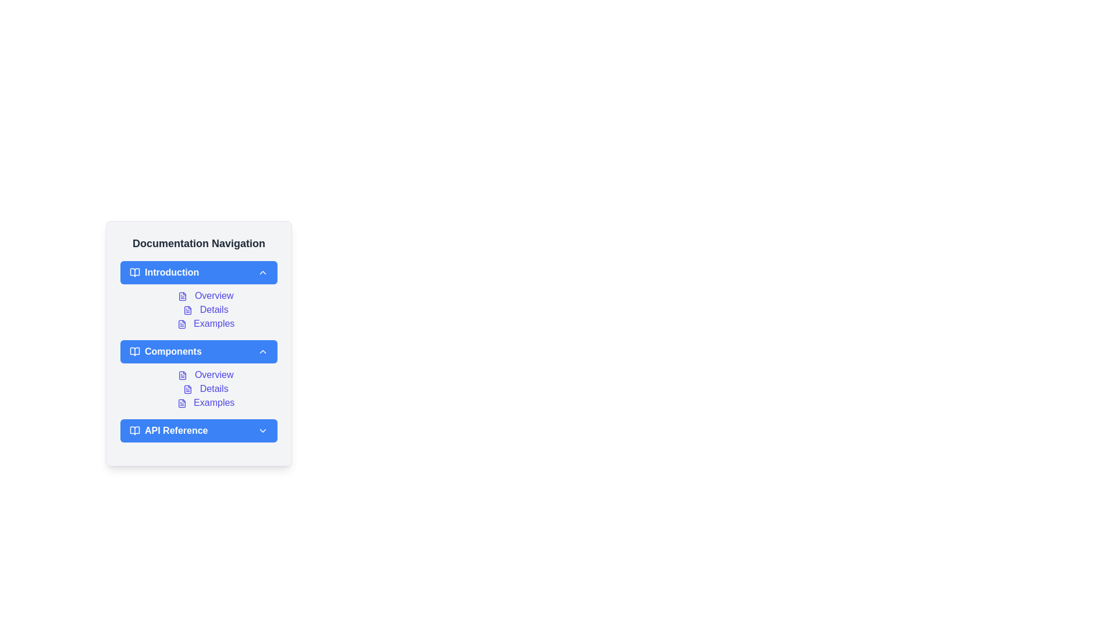 The width and height of the screenshot is (1117, 628). What do you see at coordinates (198, 430) in the screenshot?
I see `the 'API Reference' collapsible section header with a blue background and white text` at bounding box center [198, 430].